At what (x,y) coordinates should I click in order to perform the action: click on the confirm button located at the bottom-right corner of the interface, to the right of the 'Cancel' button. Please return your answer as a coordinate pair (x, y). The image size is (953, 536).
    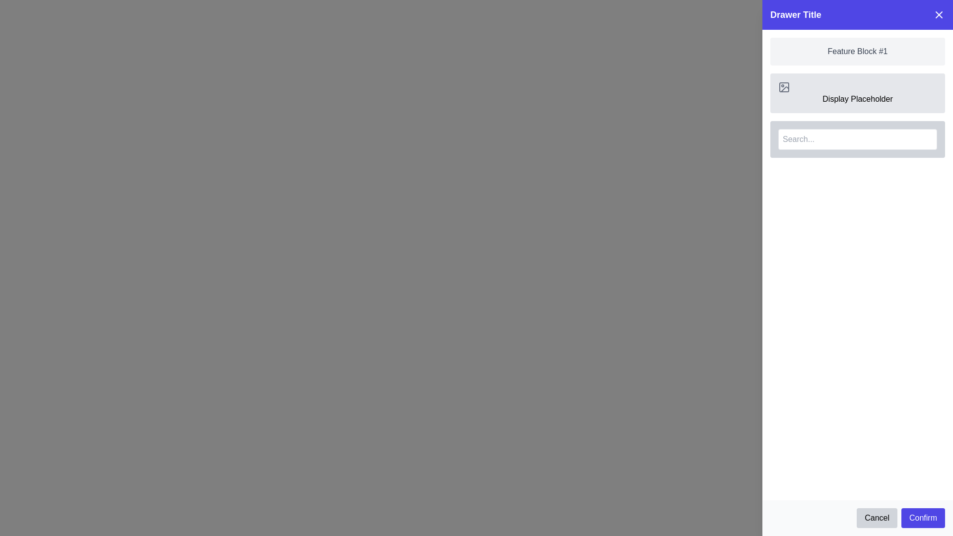
    Looking at the image, I should click on (922, 518).